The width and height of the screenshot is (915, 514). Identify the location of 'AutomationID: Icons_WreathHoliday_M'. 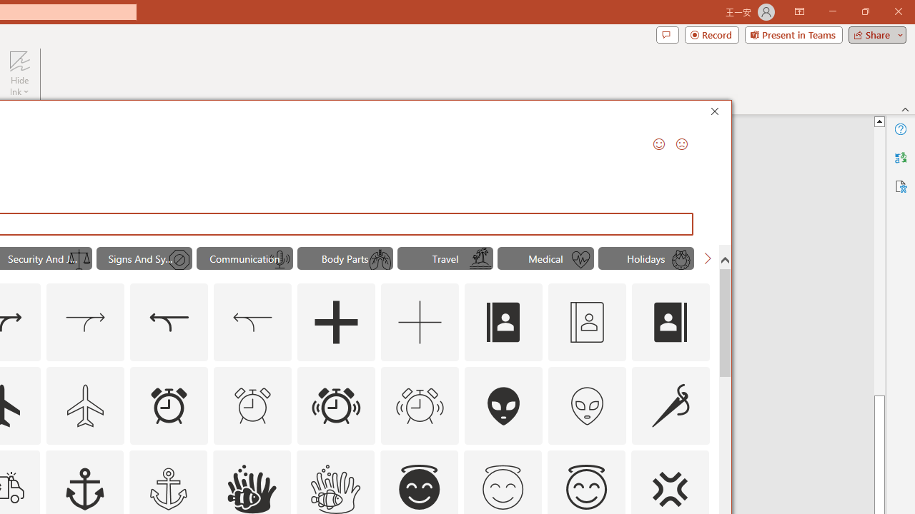
(680, 260).